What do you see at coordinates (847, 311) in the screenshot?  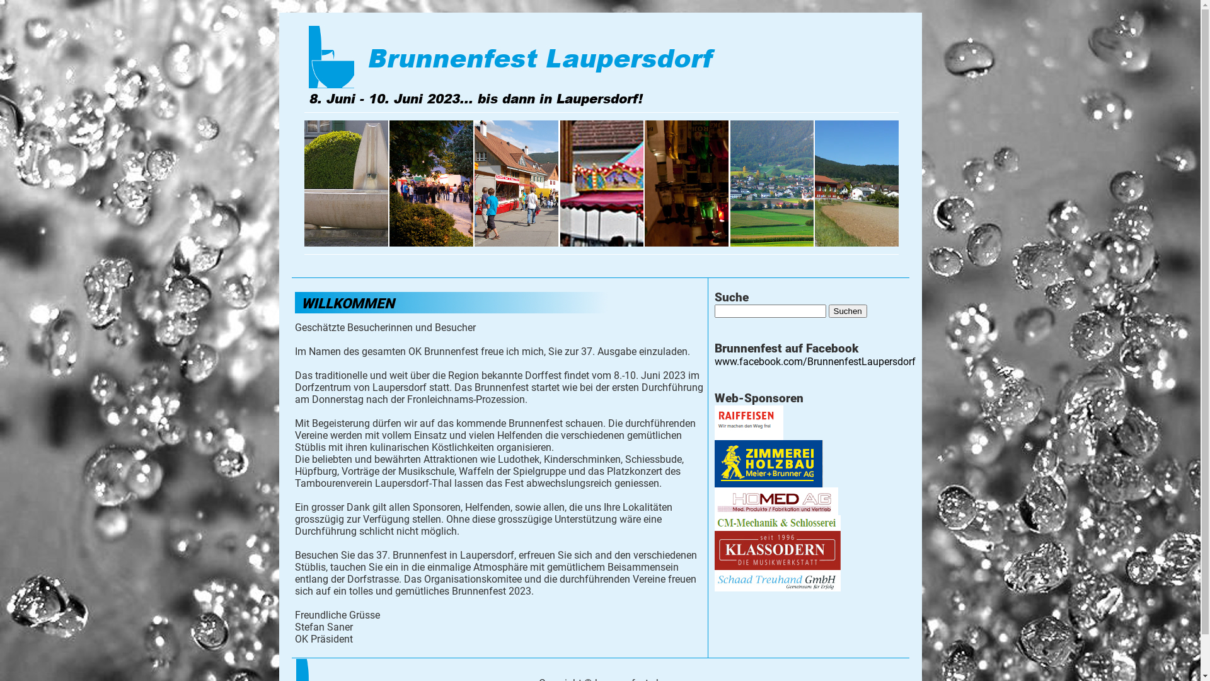 I see `'Suchen'` at bounding box center [847, 311].